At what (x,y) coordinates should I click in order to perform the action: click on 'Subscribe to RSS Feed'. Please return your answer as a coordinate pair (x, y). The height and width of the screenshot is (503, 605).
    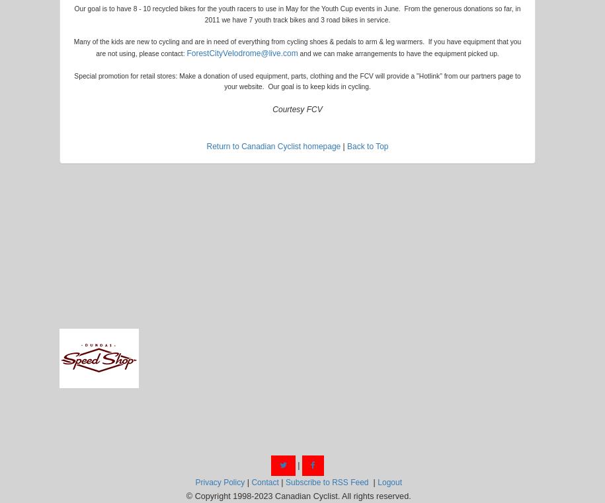
    Looking at the image, I should click on (285, 482).